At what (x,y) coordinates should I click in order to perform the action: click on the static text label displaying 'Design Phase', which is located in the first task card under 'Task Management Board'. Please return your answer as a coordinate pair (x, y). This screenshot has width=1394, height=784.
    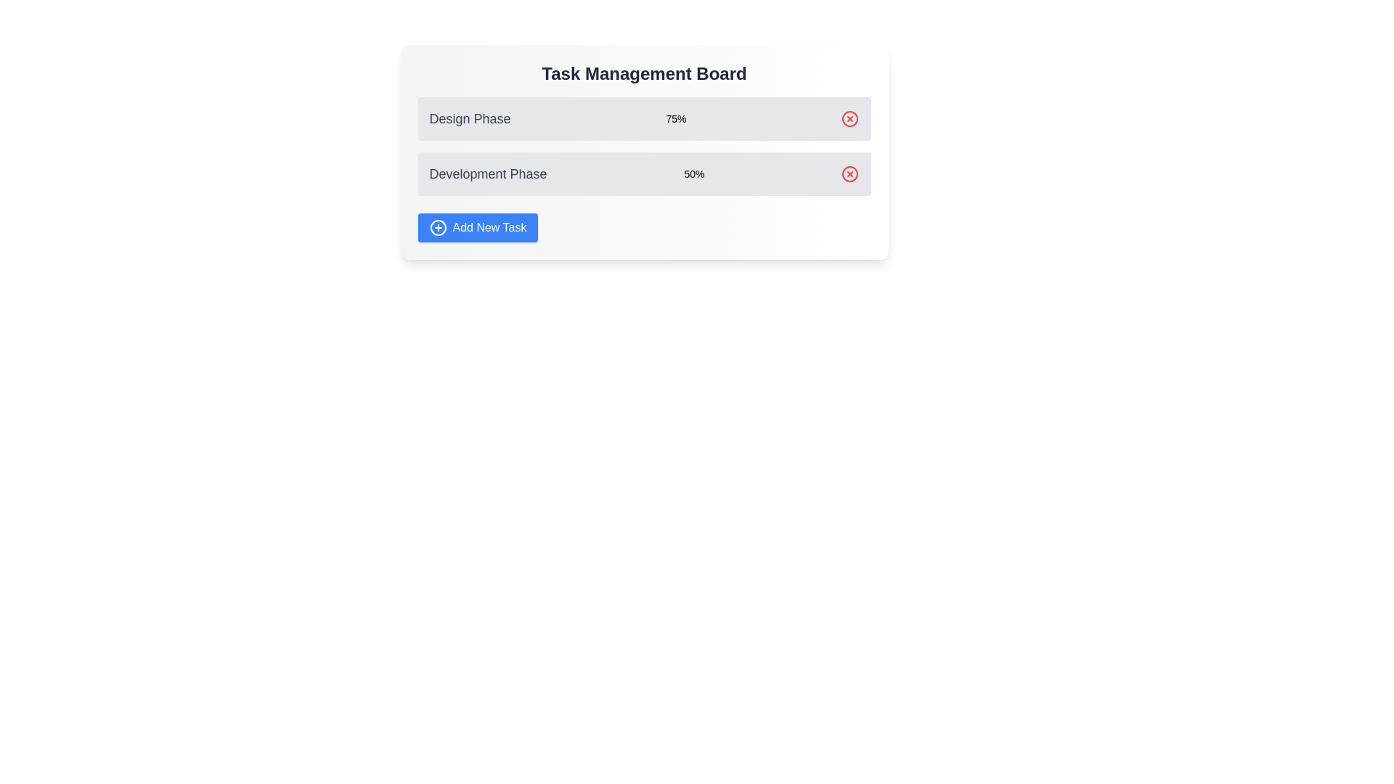
    Looking at the image, I should click on (470, 118).